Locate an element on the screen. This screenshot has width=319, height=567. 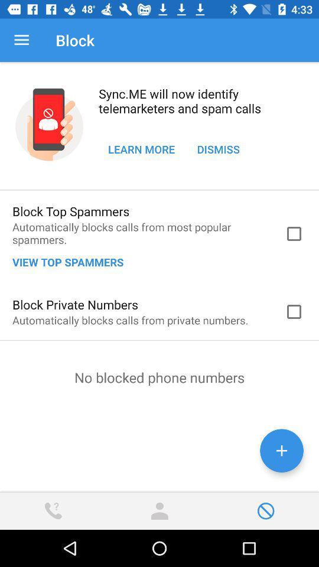
icon next to learn more is located at coordinates (217, 148).